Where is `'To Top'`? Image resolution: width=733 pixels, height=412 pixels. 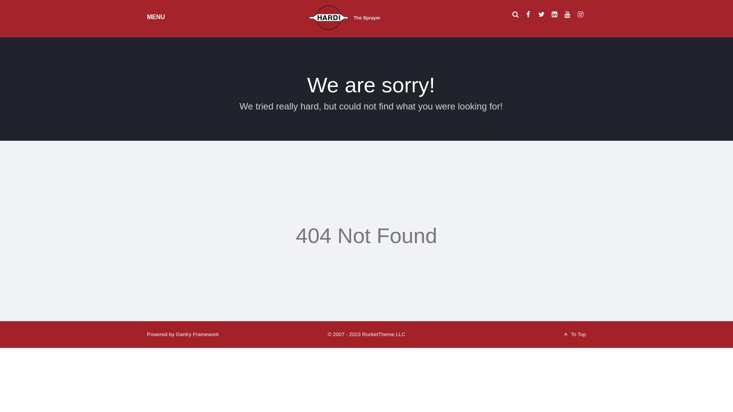
'To Top' is located at coordinates (562, 334).